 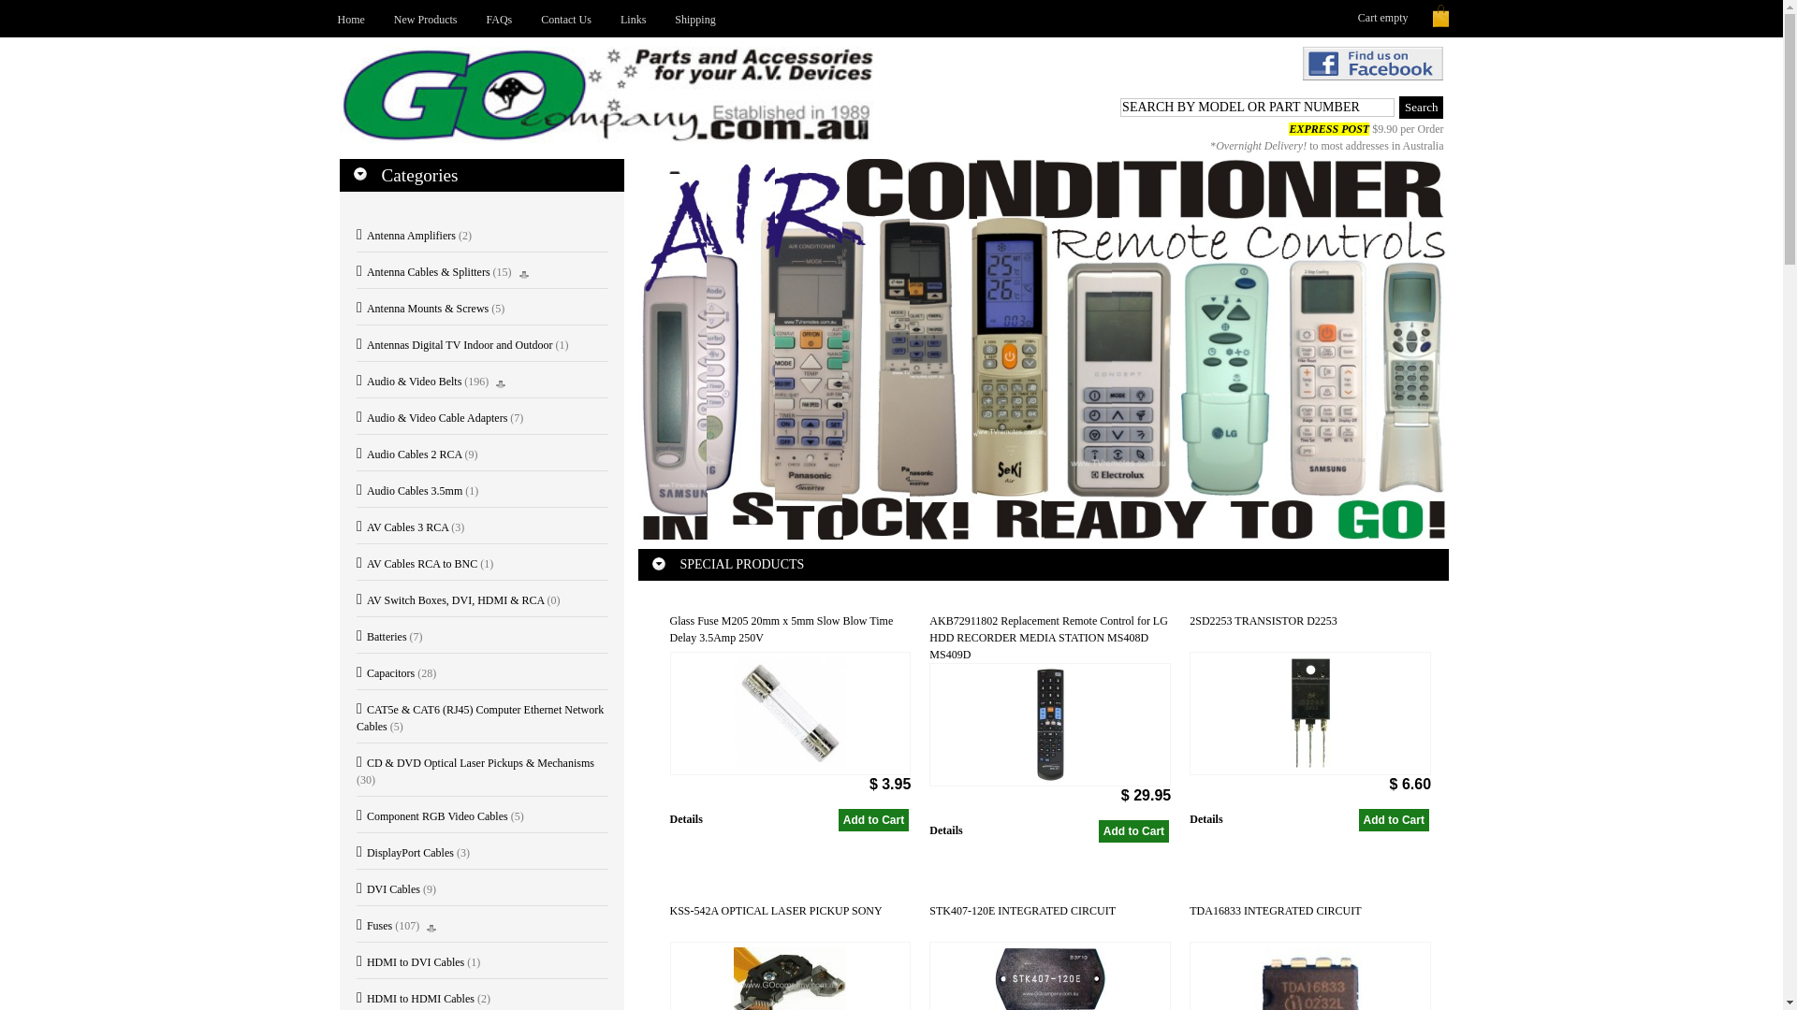 What do you see at coordinates (407, 381) in the screenshot?
I see `'Audio & Video Belts'` at bounding box center [407, 381].